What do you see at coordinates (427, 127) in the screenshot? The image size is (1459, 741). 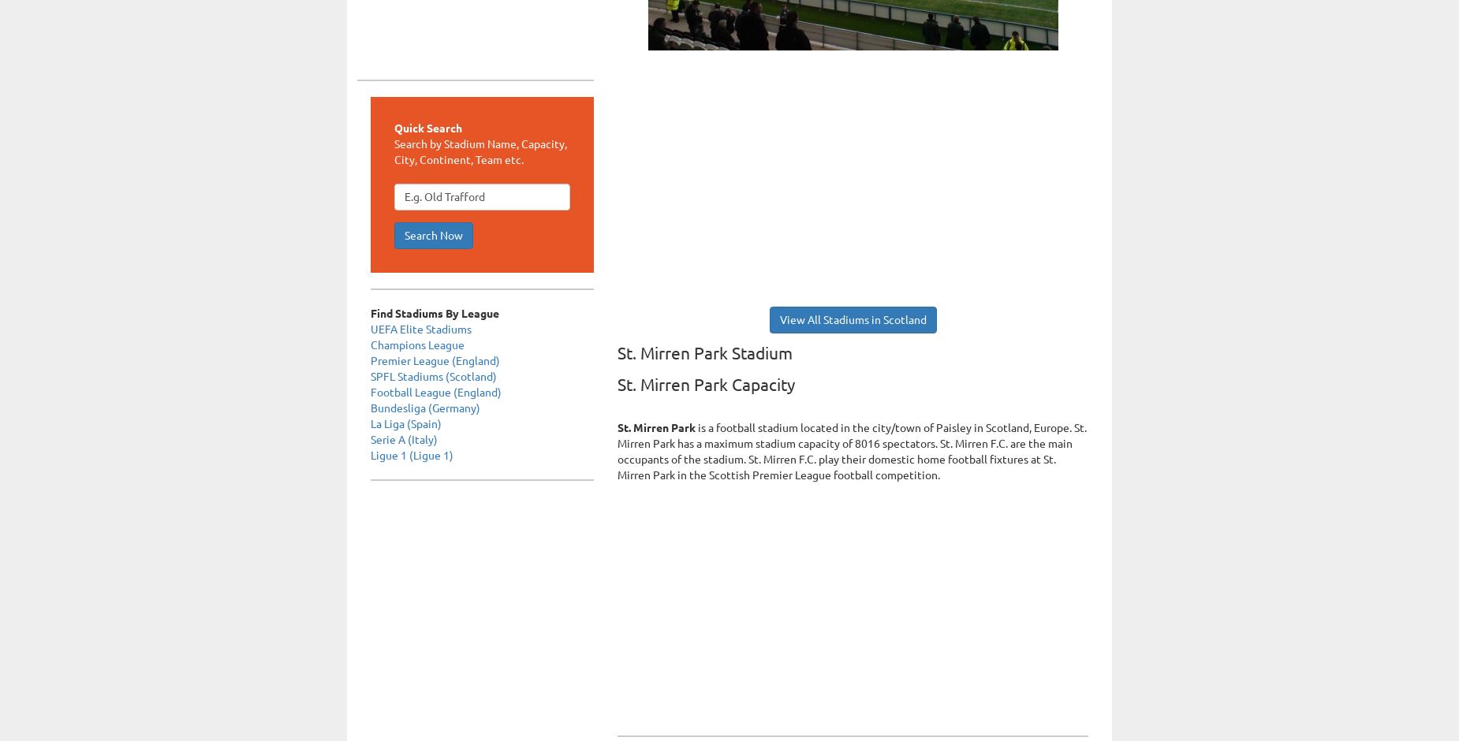 I see `'Quick Search'` at bounding box center [427, 127].